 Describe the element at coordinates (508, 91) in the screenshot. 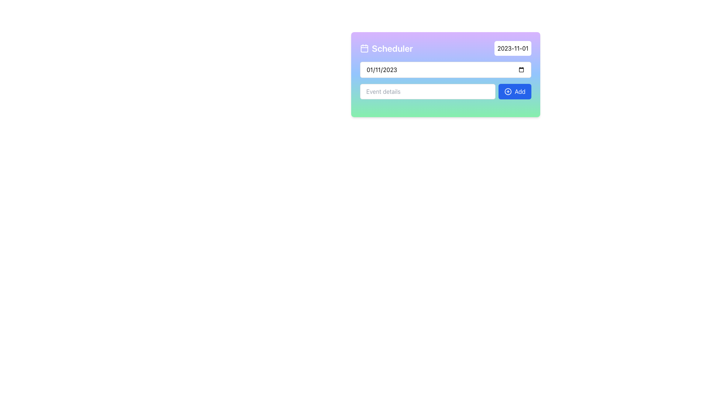

I see `the central circular component of the SVG icon representing the 'Add' action, which is part of a blue rectangular button labeled 'Add'` at that location.